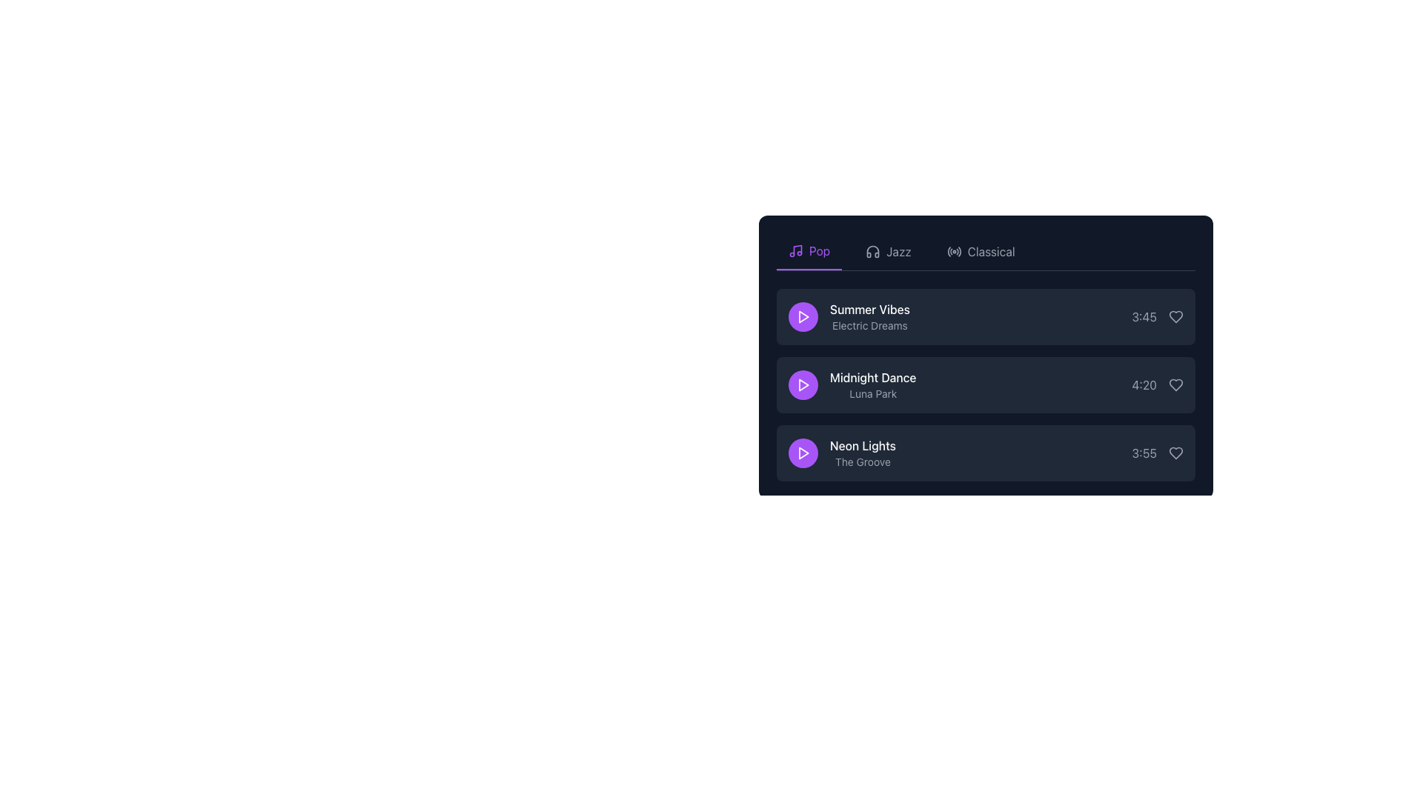  Describe the element at coordinates (1175, 316) in the screenshot. I see `the heart outline icon located to the right of the time text ('3:45') in the topmost list item of the playlist section` at that location.